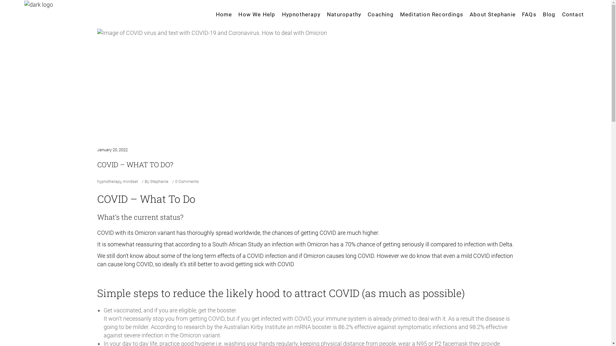 The width and height of the screenshot is (616, 346). What do you see at coordinates (344, 14) in the screenshot?
I see `'Naturopathy'` at bounding box center [344, 14].